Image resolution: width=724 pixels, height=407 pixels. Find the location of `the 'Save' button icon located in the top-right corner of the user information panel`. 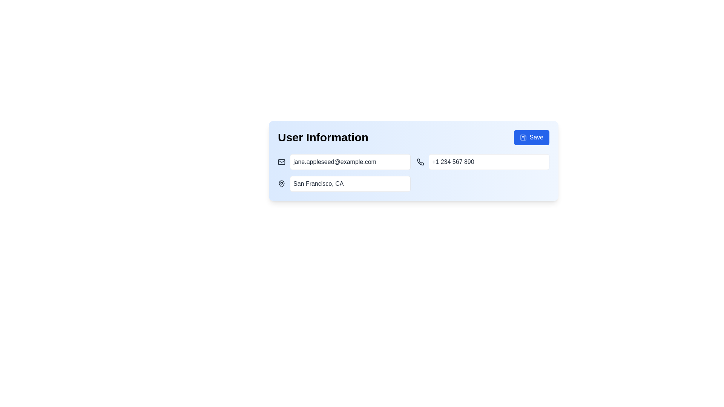

the 'Save' button icon located in the top-right corner of the user information panel is located at coordinates (523, 138).